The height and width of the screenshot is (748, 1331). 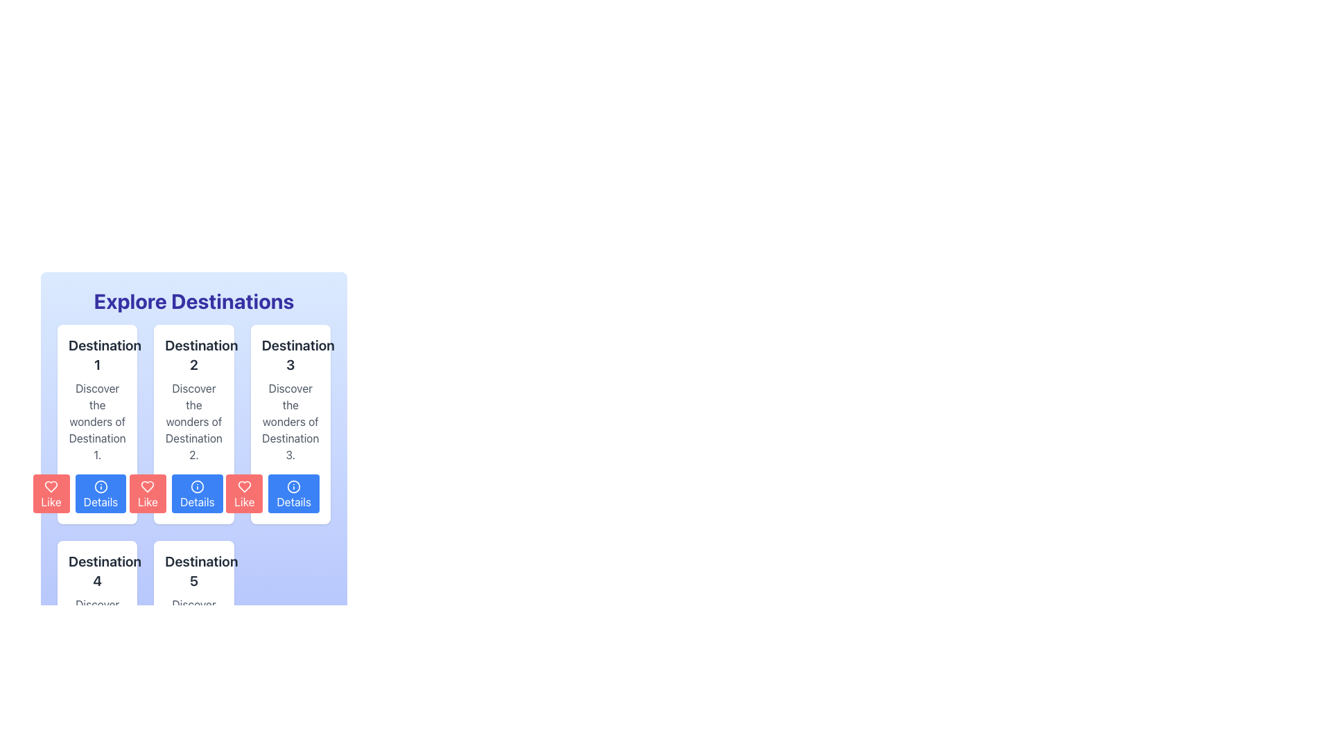 I want to click on the Text label that identifies 'Destination 3' located at the top of the white card in the grid layout under 'Explore Destinations', so click(x=290, y=355).